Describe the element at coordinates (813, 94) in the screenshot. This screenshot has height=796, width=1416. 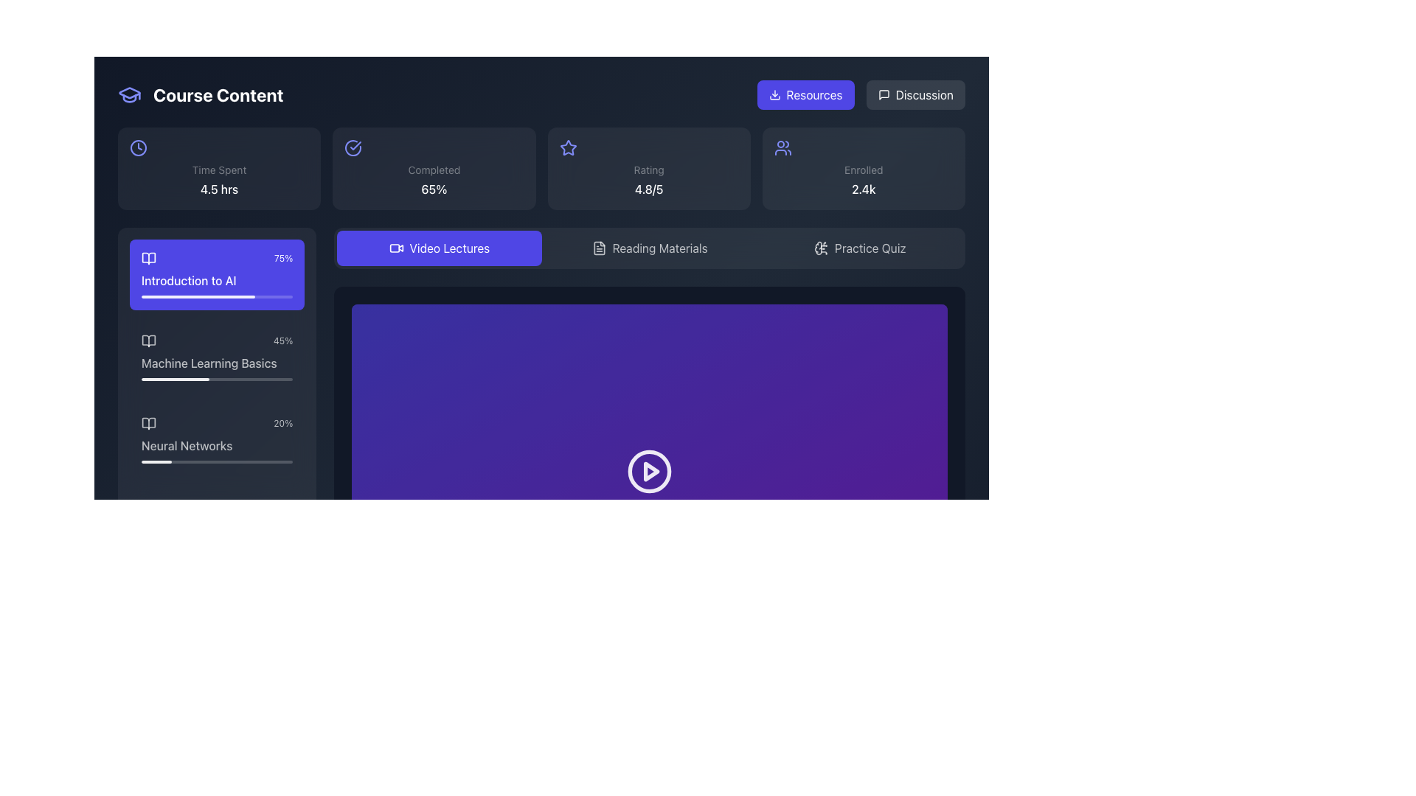
I see `the 'Resources' text label, which is part of a button with a blue background located under the title bar and next to the leftmost icon` at that location.